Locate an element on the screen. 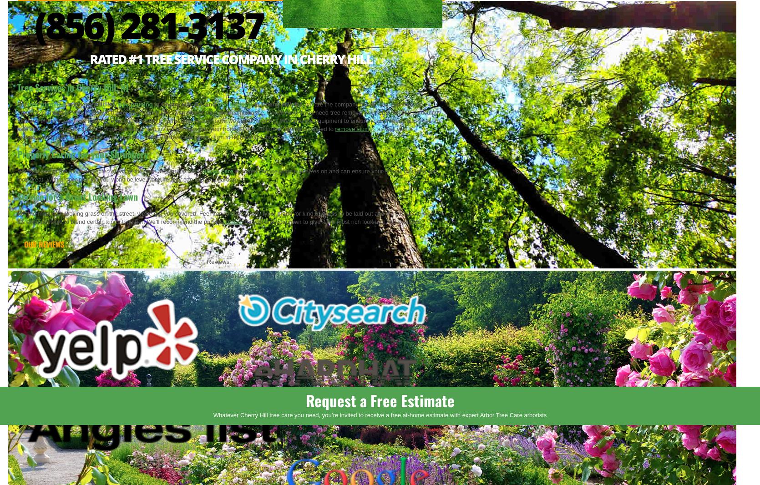  '/' is located at coordinates (213, 275).